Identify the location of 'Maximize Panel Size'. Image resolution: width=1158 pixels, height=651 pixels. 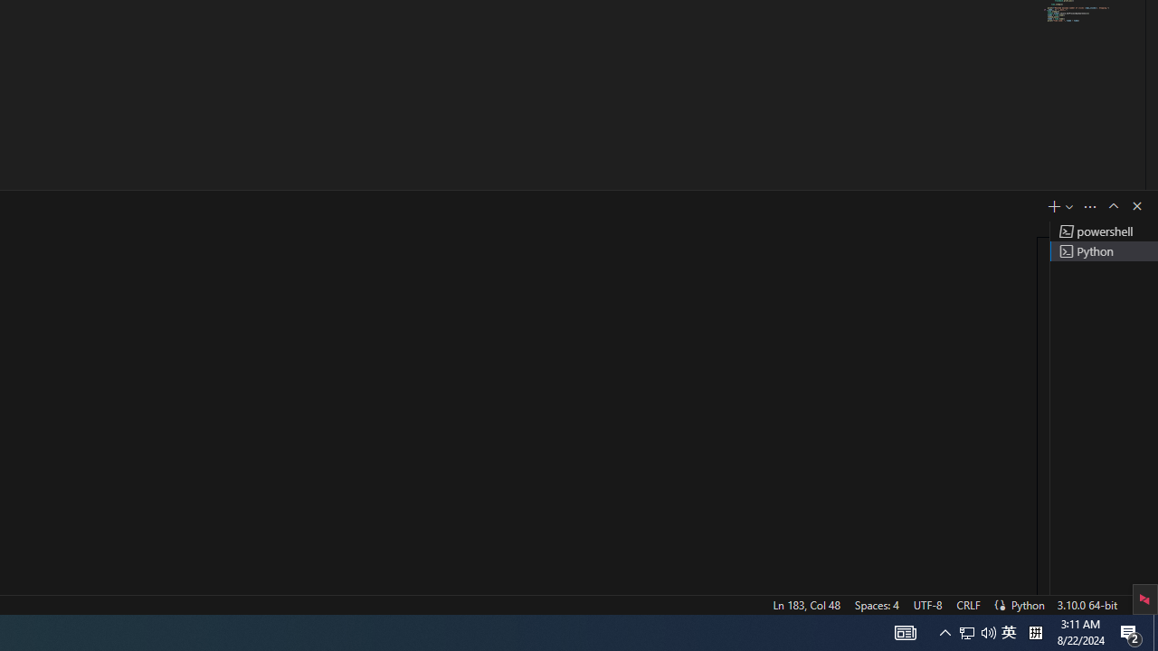
(1112, 204).